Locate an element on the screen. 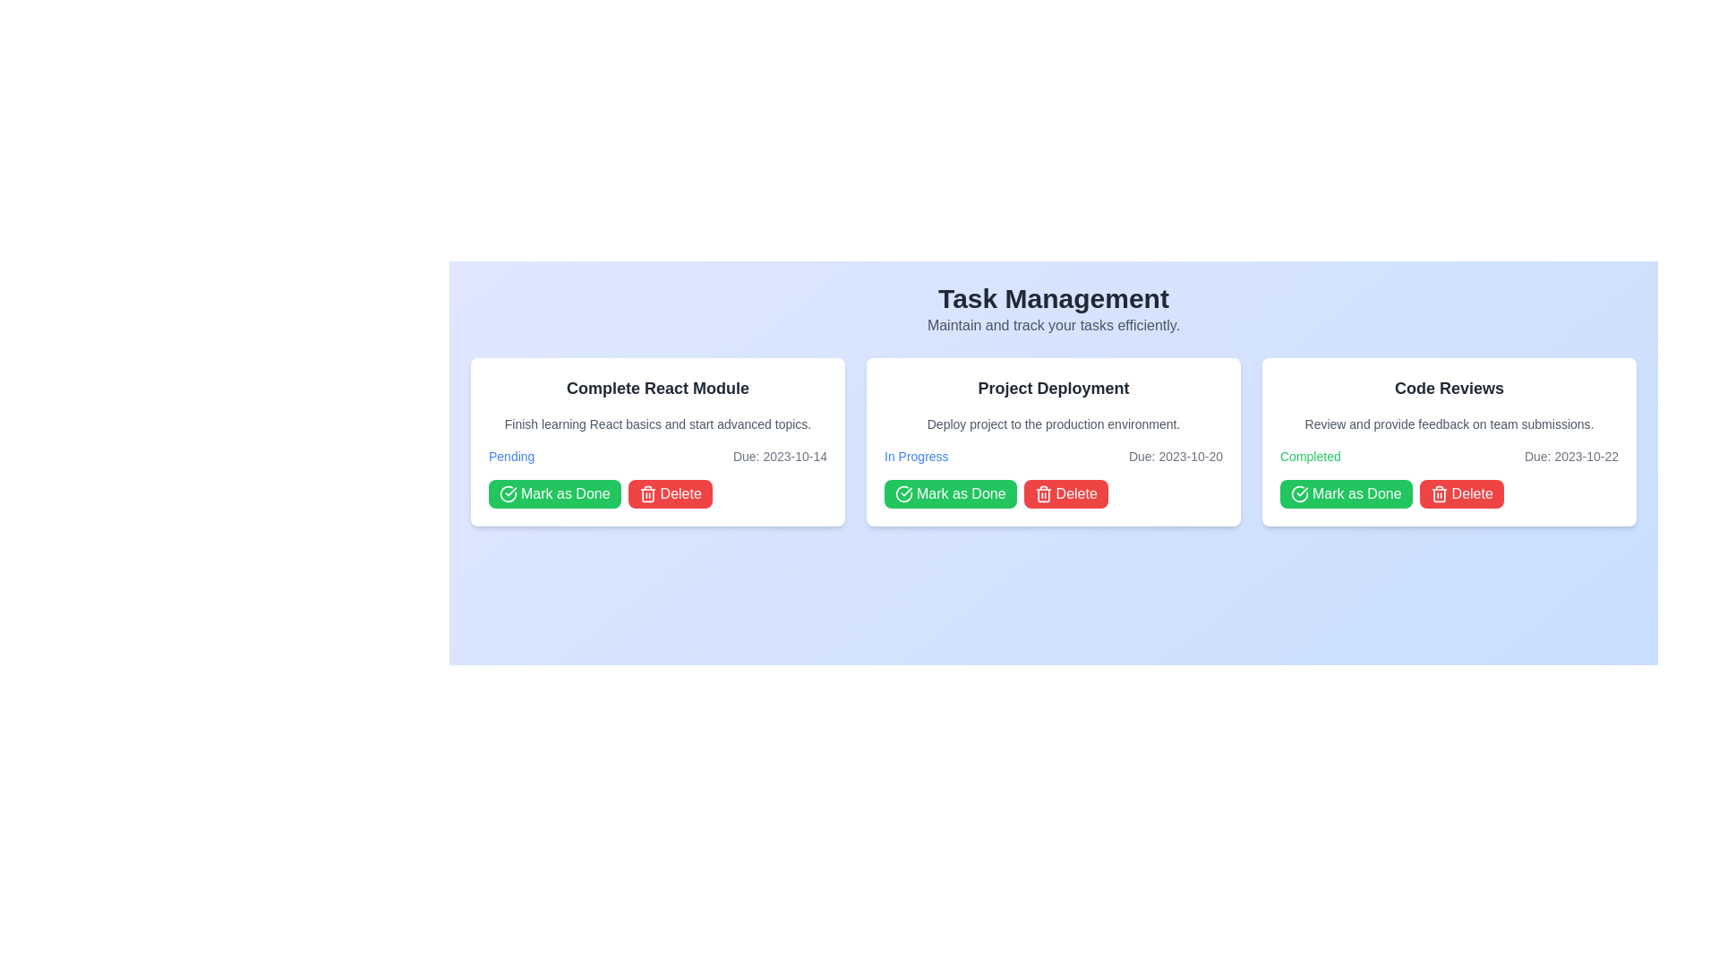 This screenshot has width=1719, height=967. the green circular check icon located at the bottom-left corner of the 'Complete React Module' task card is located at coordinates (507, 493).